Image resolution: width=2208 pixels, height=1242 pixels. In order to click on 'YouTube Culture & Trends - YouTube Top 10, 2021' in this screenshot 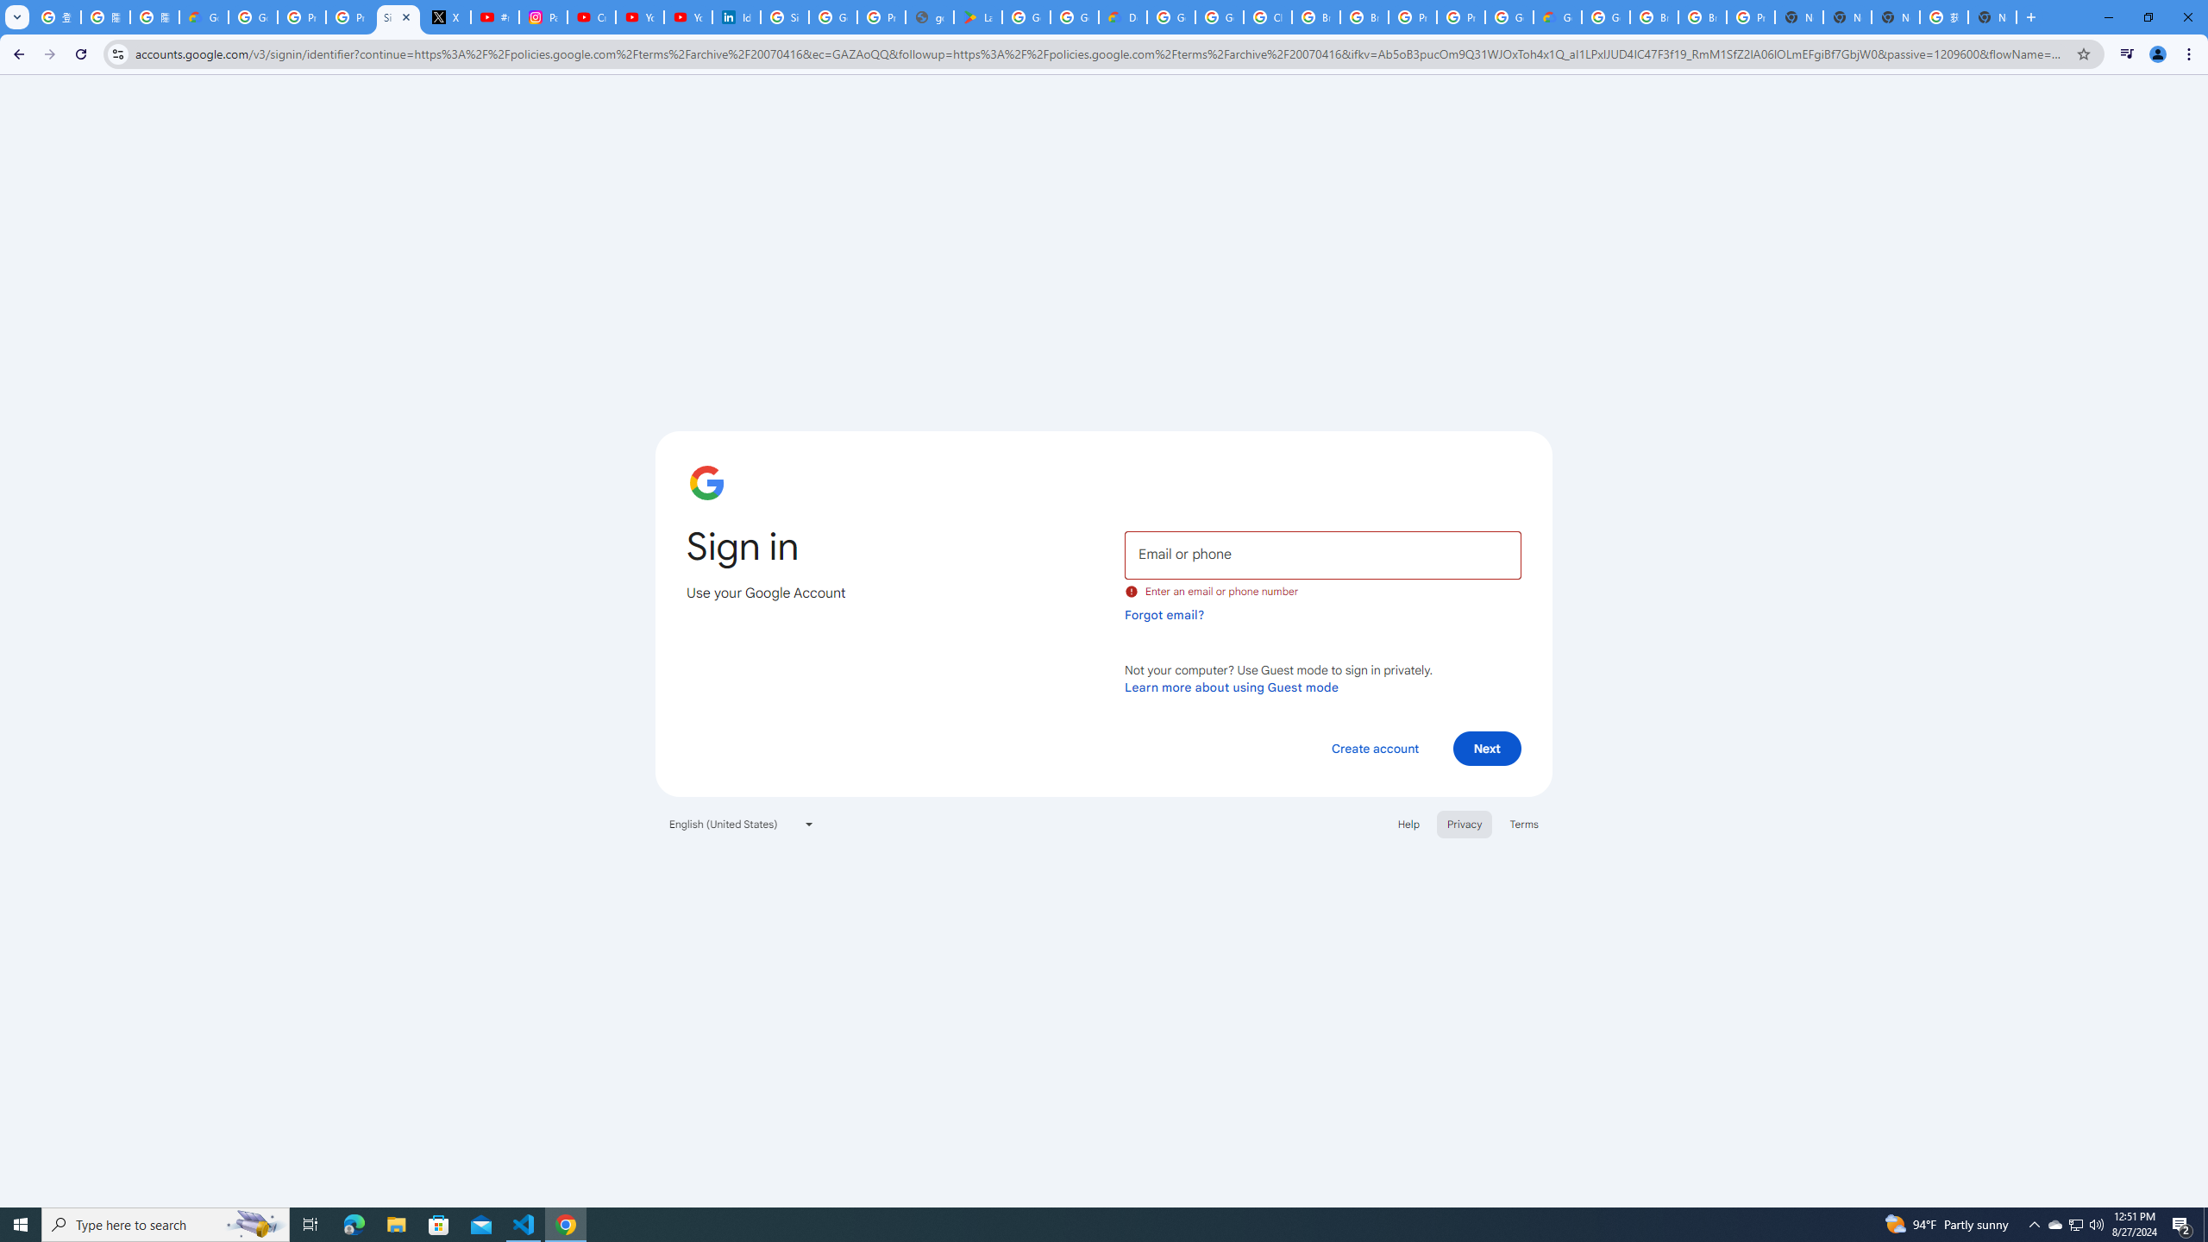, I will do `click(687, 16)`.